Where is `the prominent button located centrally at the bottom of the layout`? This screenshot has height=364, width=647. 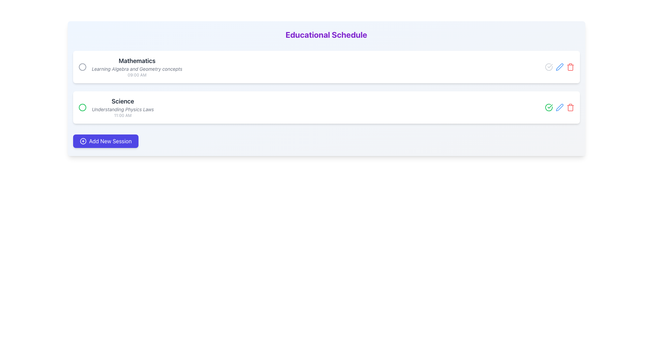 the prominent button located centrally at the bottom of the layout is located at coordinates (105, 141).